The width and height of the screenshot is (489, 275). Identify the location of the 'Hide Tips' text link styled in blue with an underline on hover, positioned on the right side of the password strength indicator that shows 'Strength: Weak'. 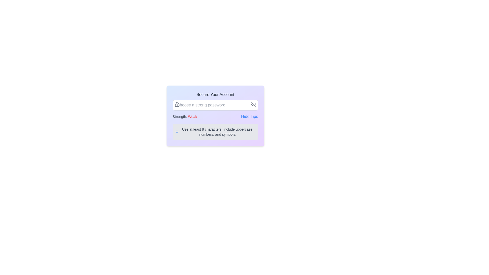
(250, 117).